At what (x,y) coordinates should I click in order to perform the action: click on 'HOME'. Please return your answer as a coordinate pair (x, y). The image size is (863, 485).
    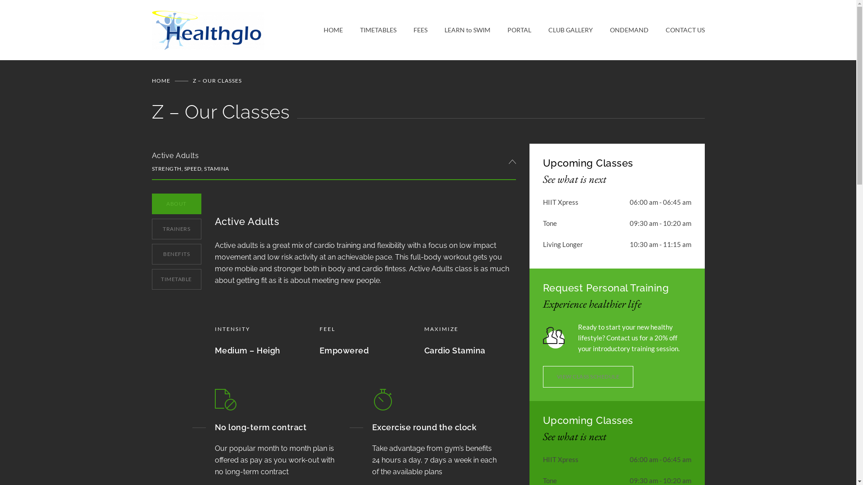
    Looking at the image, I should click on (333, 29).